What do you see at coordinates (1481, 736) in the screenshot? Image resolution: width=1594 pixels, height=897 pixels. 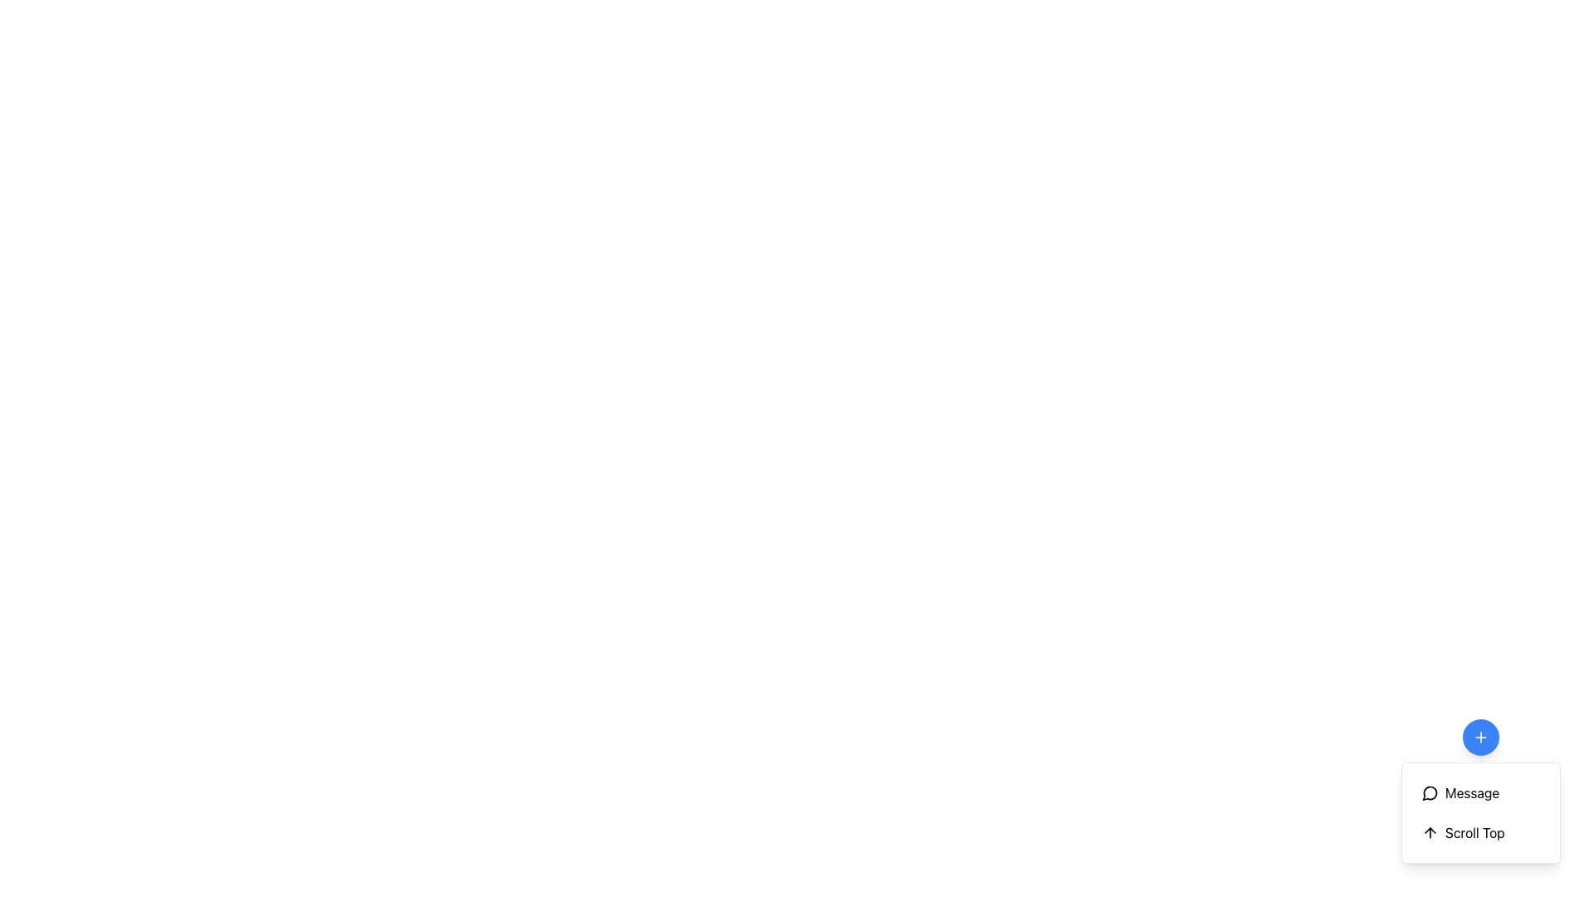 I see `the blue circular button representing addition or creation, located at the bottom-right corner of the interface, directly above the pop-up menu options 'Message' and 'Scroll Top'` at bounding box center [1481, 736].